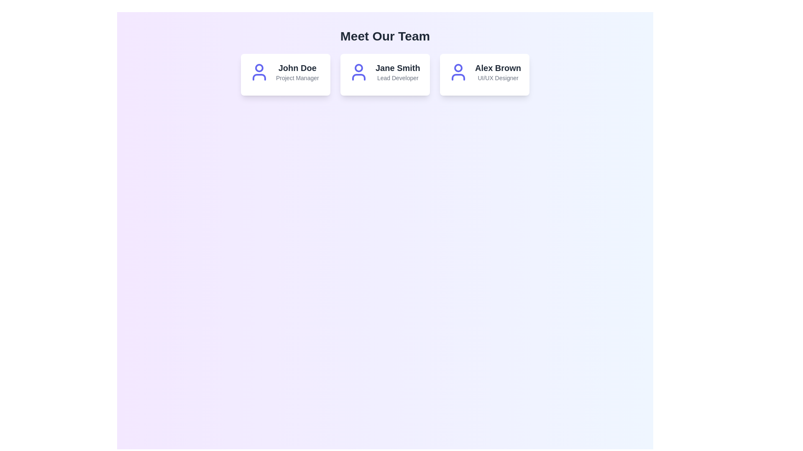 This screenshot has height=451, width=803. I want to click on the text label displaying 'Project Manager' which is located beneath the 'John Doe' label in the leftmost card of three cards, so click(297, 78).